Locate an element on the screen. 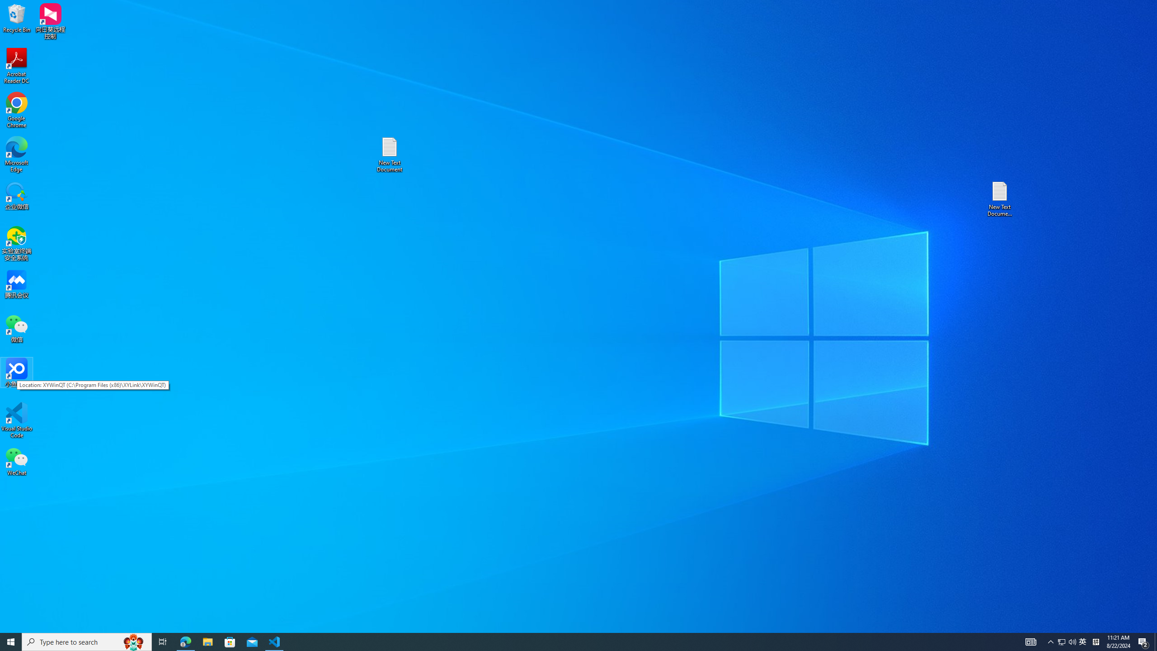  'Search highlights icon opens search home window' is located at coordinates (133, 641).